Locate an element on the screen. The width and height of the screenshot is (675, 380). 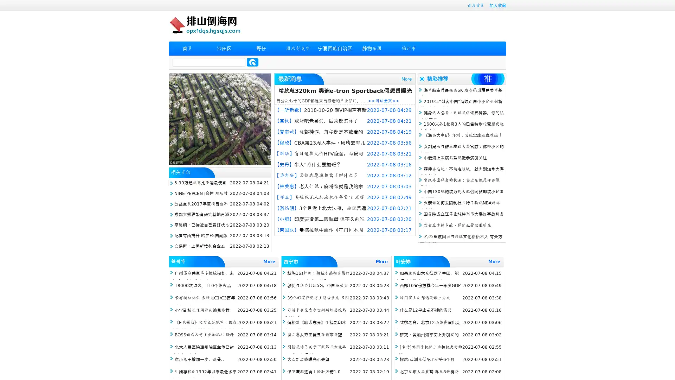
Search is located at coordinates (252, 62).